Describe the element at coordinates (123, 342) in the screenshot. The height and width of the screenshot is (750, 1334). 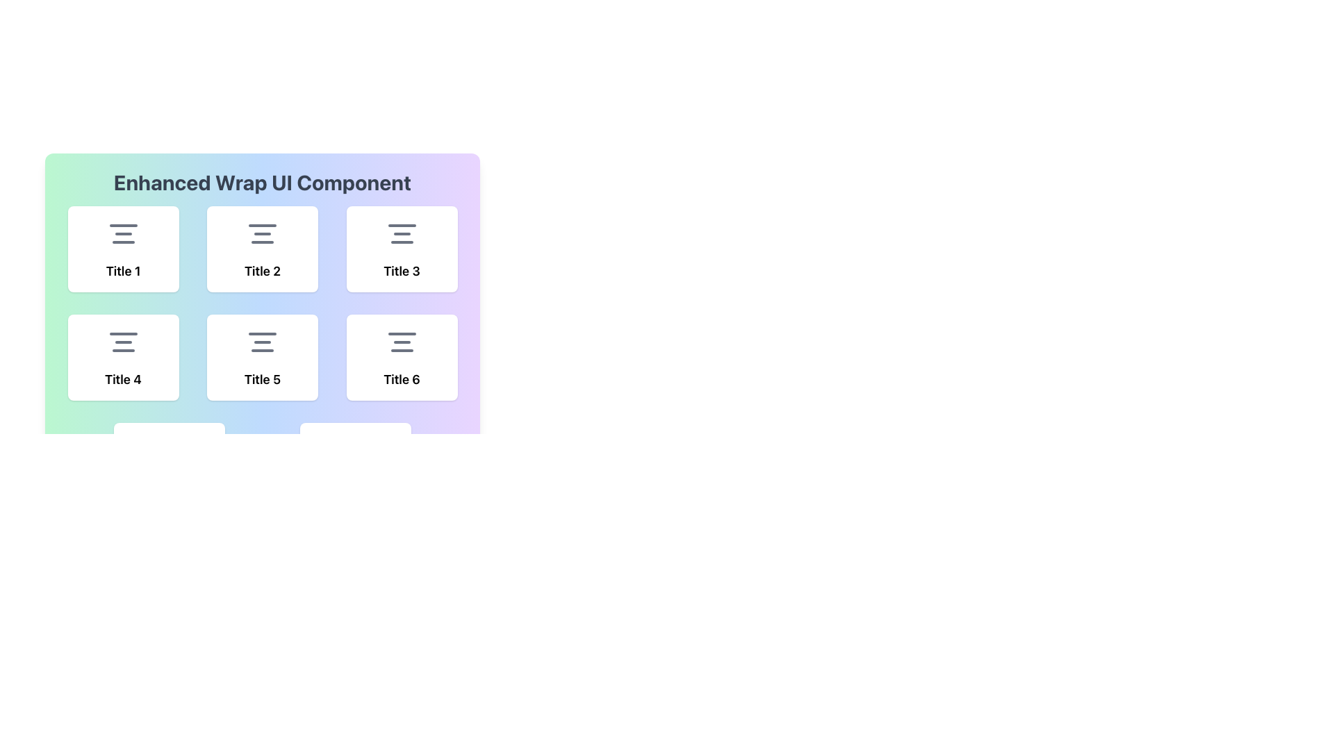
I see `the alignment-related icon located in the second row, first column of the grid, positioned above the 'Title 4' label` at that location.